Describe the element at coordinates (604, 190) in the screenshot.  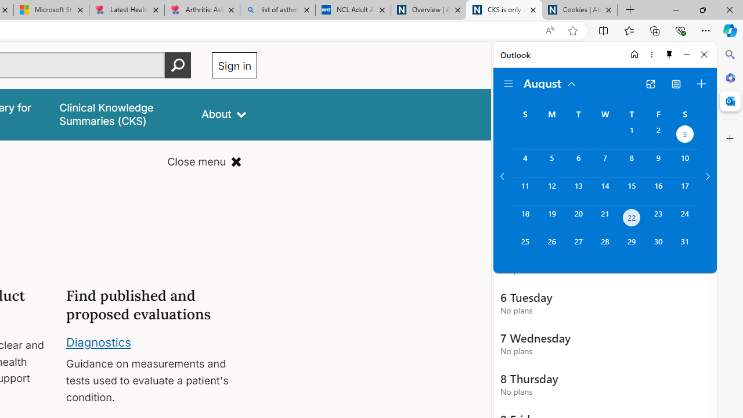
I see `'Wednesday, August 14, 2024. '` at that location.